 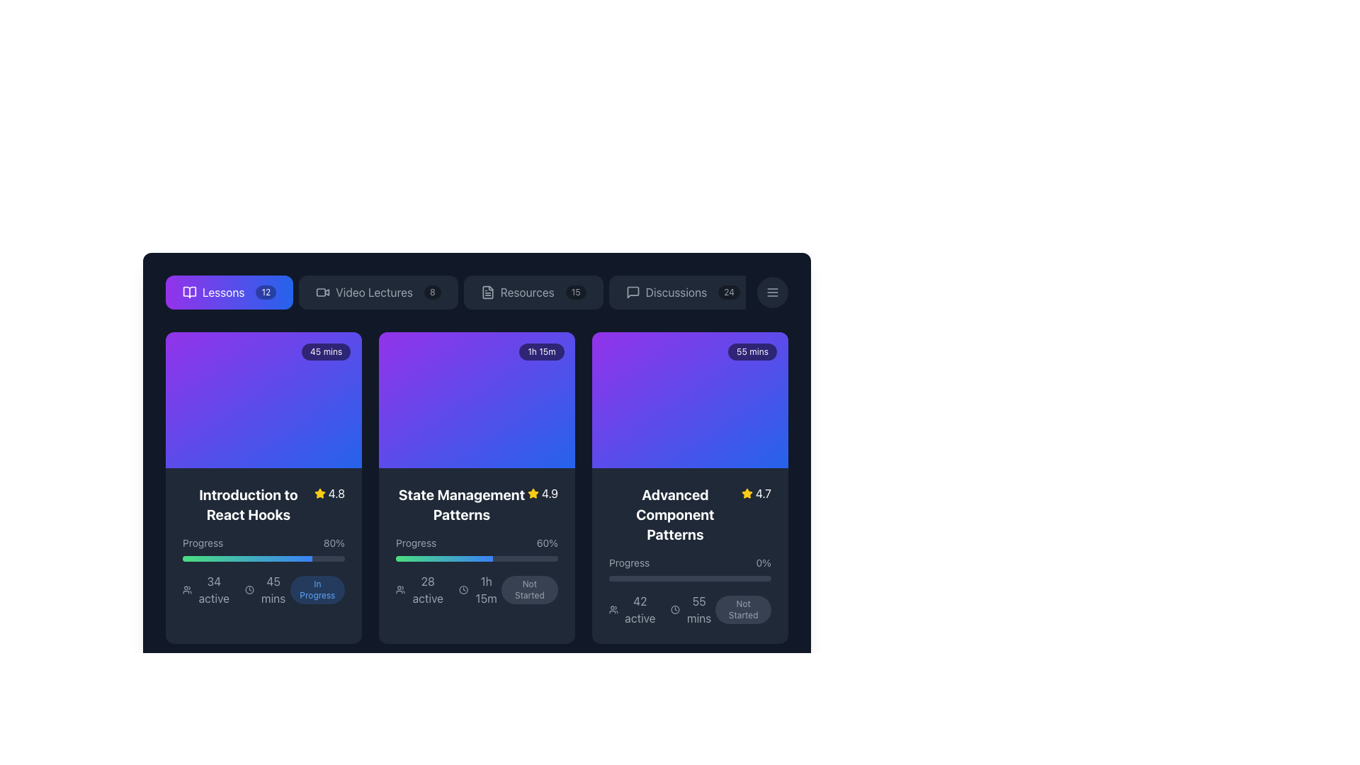 What do you see at coordinates (263, 545) in the screenshot?
I see `title and details of the Informational card section titled 'Introduction to React Hooks', which includes information about the topic, rating, progress, session duration, participant count, and current status 'In Progress'` at bounding box center [263, 545].